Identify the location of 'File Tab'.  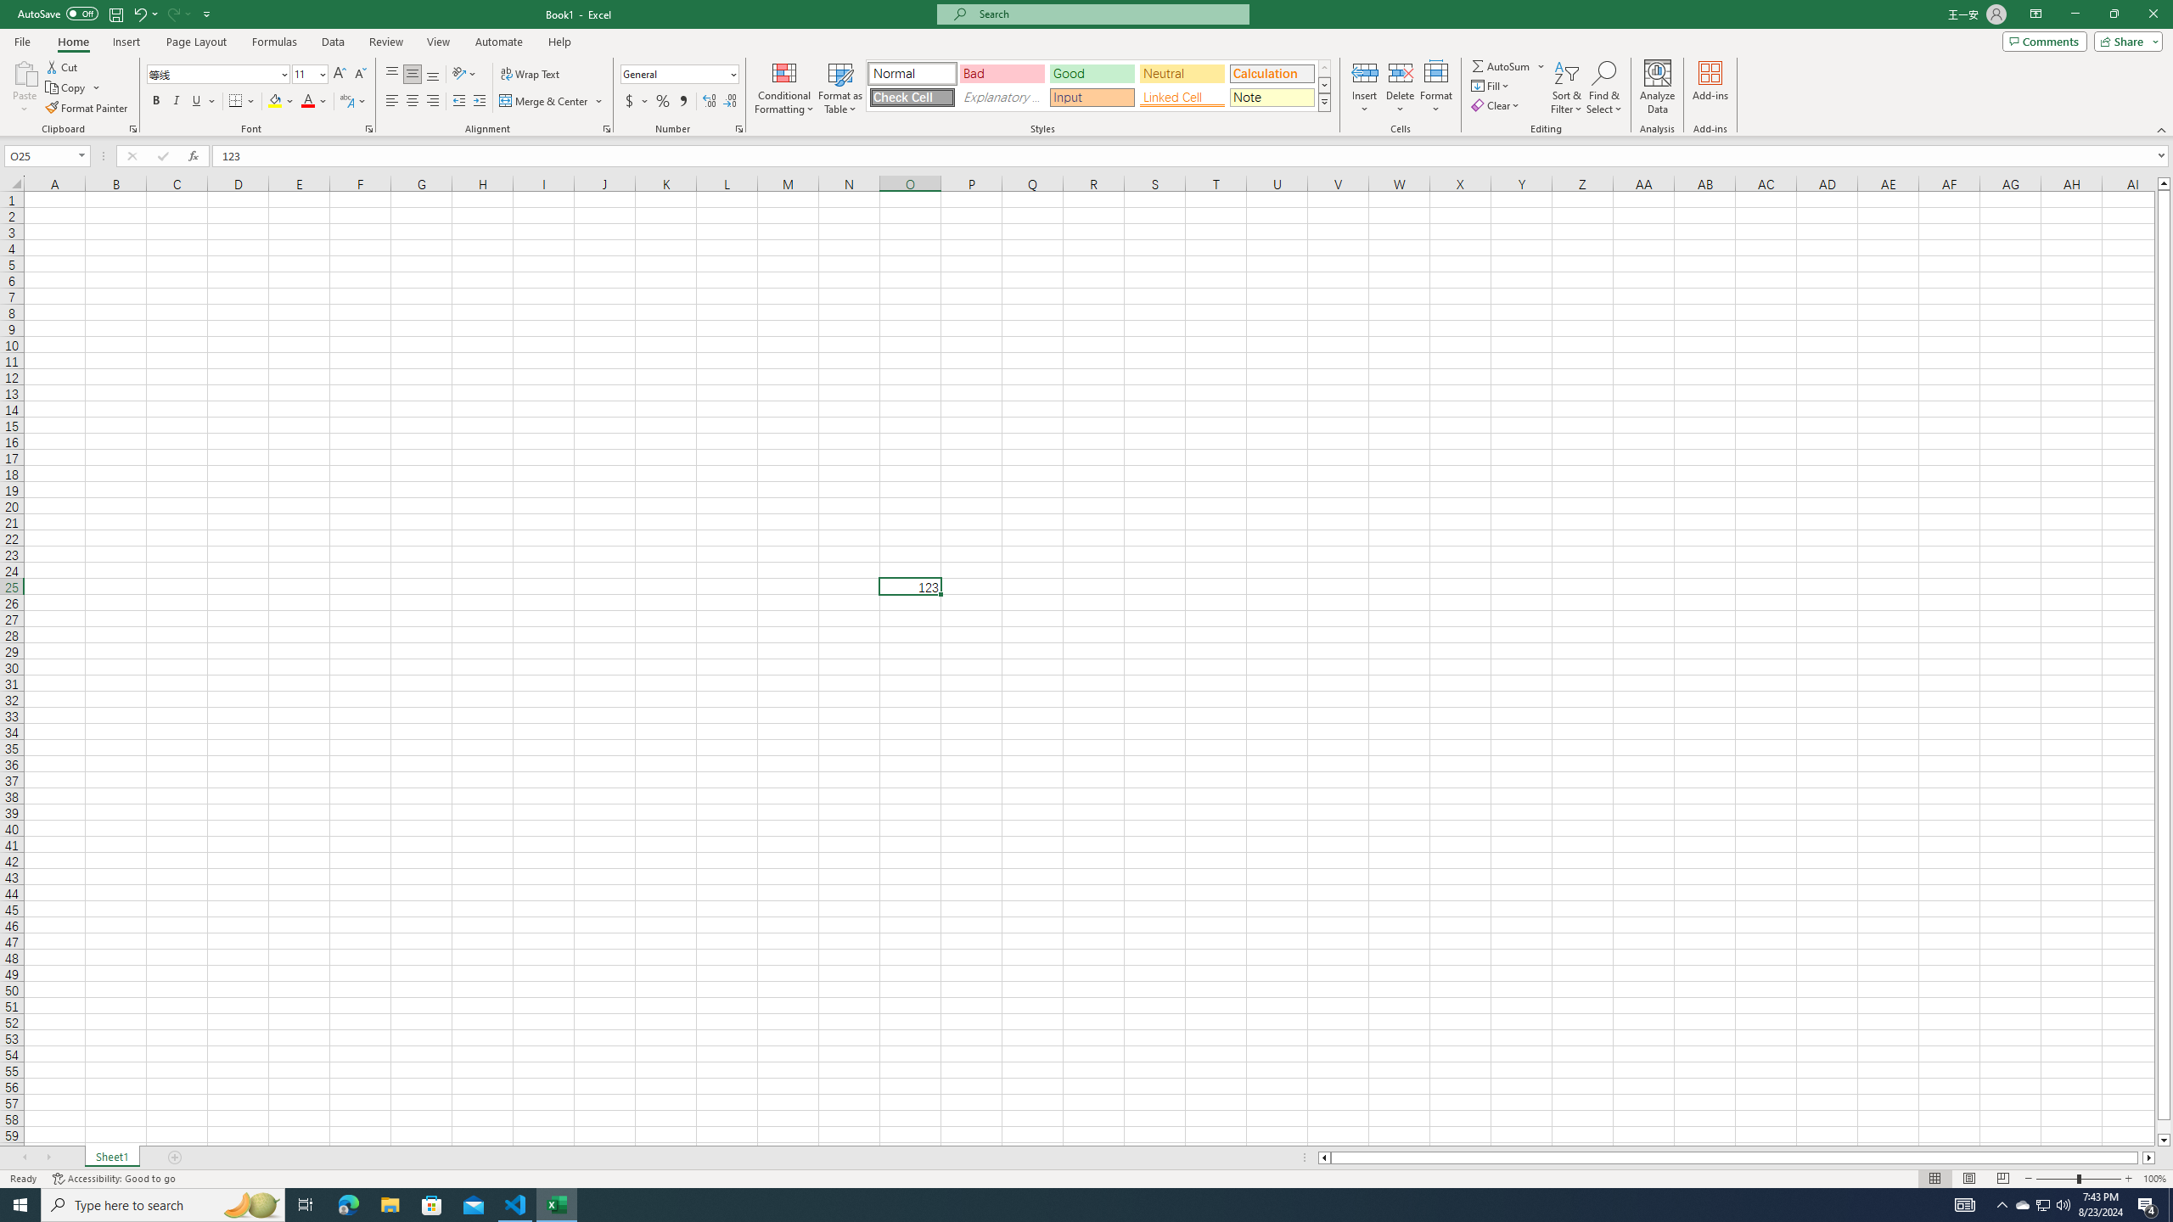
(21, 40).